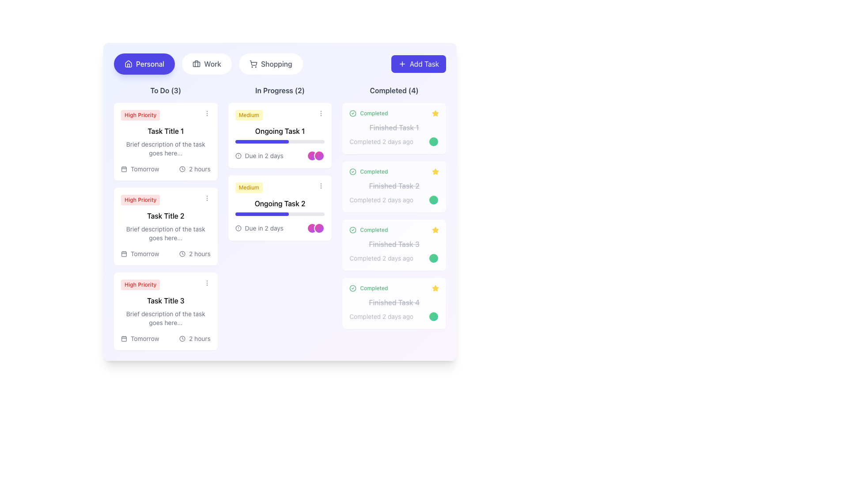 The image size is (848, 477). What do you see at coordinates (319, 155) in the screenshot?
I see `the second circular Decorative Indicator element, which features a pink to purple gradient fill and is located near the bottom right corner of the 'Ongoing Task 1' card in the 'In Progress' section` at bounding box center [319, 155].